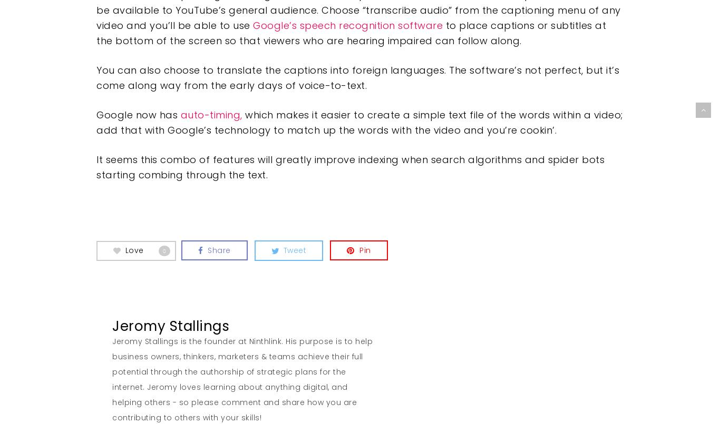 The height and width of the screenshot is (424, 720). I want to click on 'to place captions or subtitles at the bottom of the screen so that viewers who are hearing impaired can follow along.', so click(351, 33).